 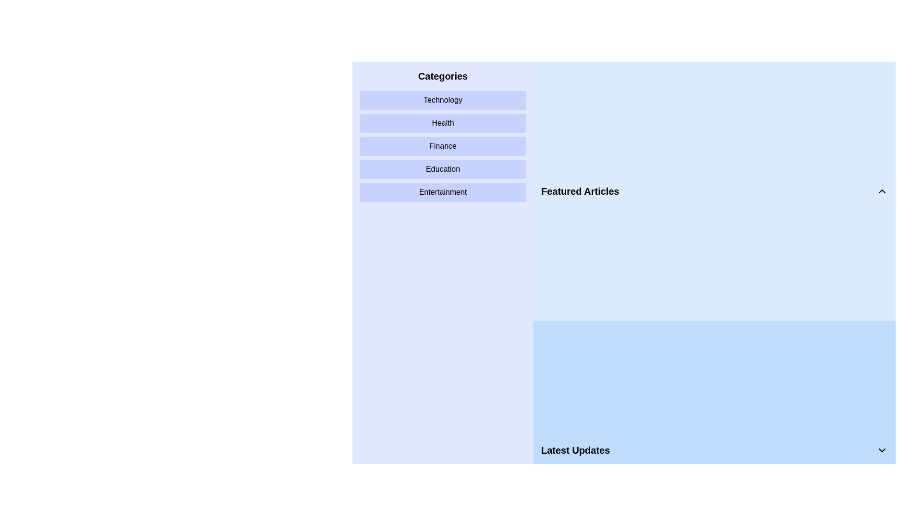 What do you see at coordinates (882, 191) in the screenshot?
I see `the upward-pointing arrow button with a minimalistic SVG icon` at bounding box center [882, 191].